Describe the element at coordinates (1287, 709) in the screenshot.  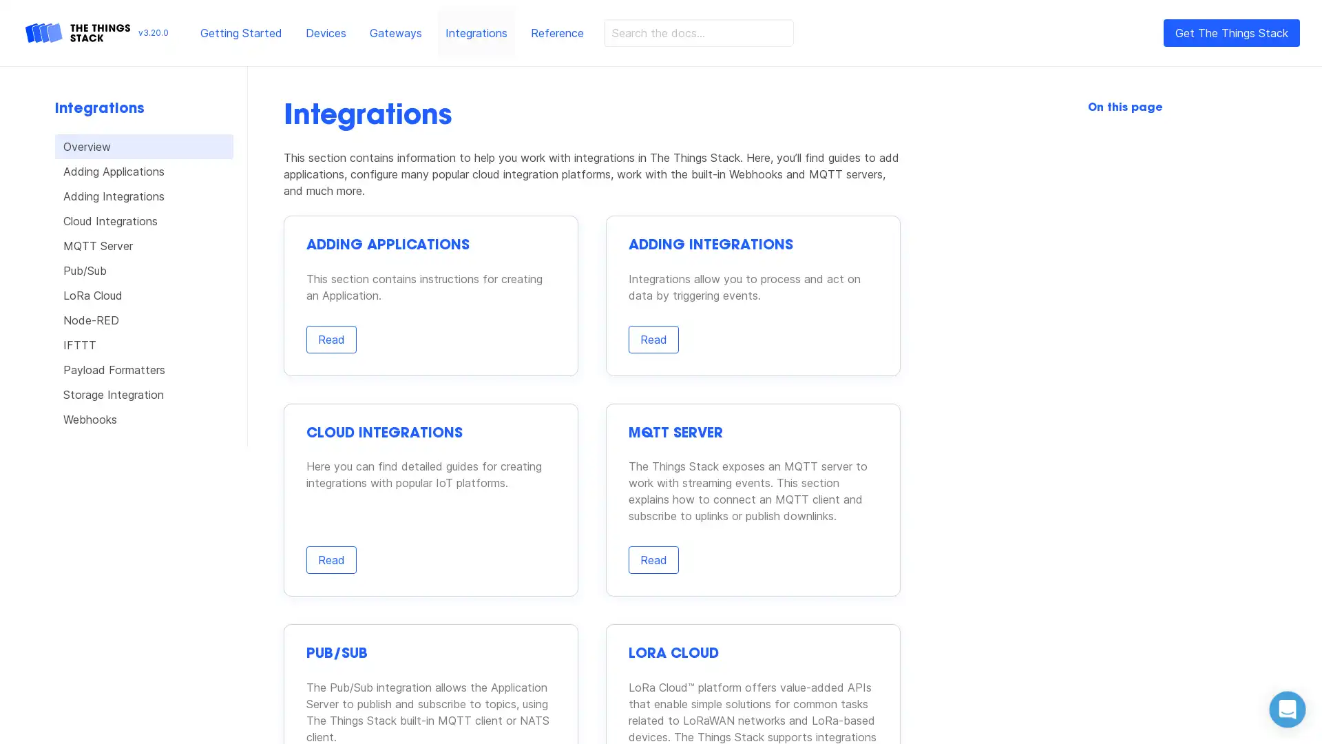
I see `Open Intercom Messenger` at that location.